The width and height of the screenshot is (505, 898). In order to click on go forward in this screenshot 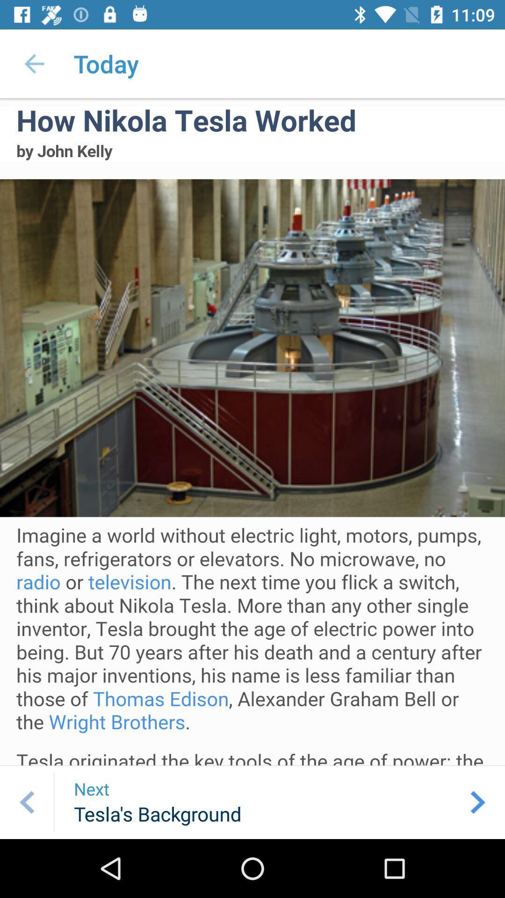, I will do `click(478, 802)`.